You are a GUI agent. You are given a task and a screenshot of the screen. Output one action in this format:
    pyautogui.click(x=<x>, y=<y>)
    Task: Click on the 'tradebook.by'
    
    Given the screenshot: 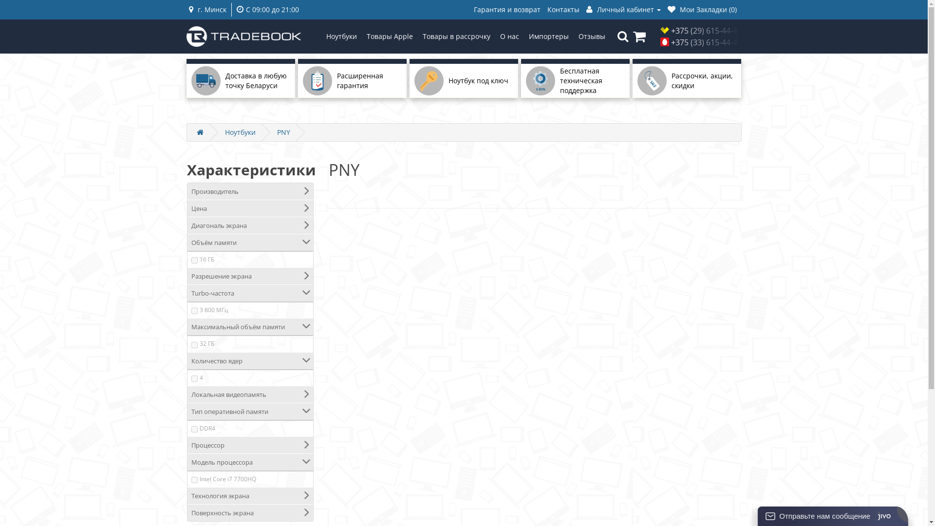 What is the action you would take?
    pyautogui.click(x=243, y=36)
    